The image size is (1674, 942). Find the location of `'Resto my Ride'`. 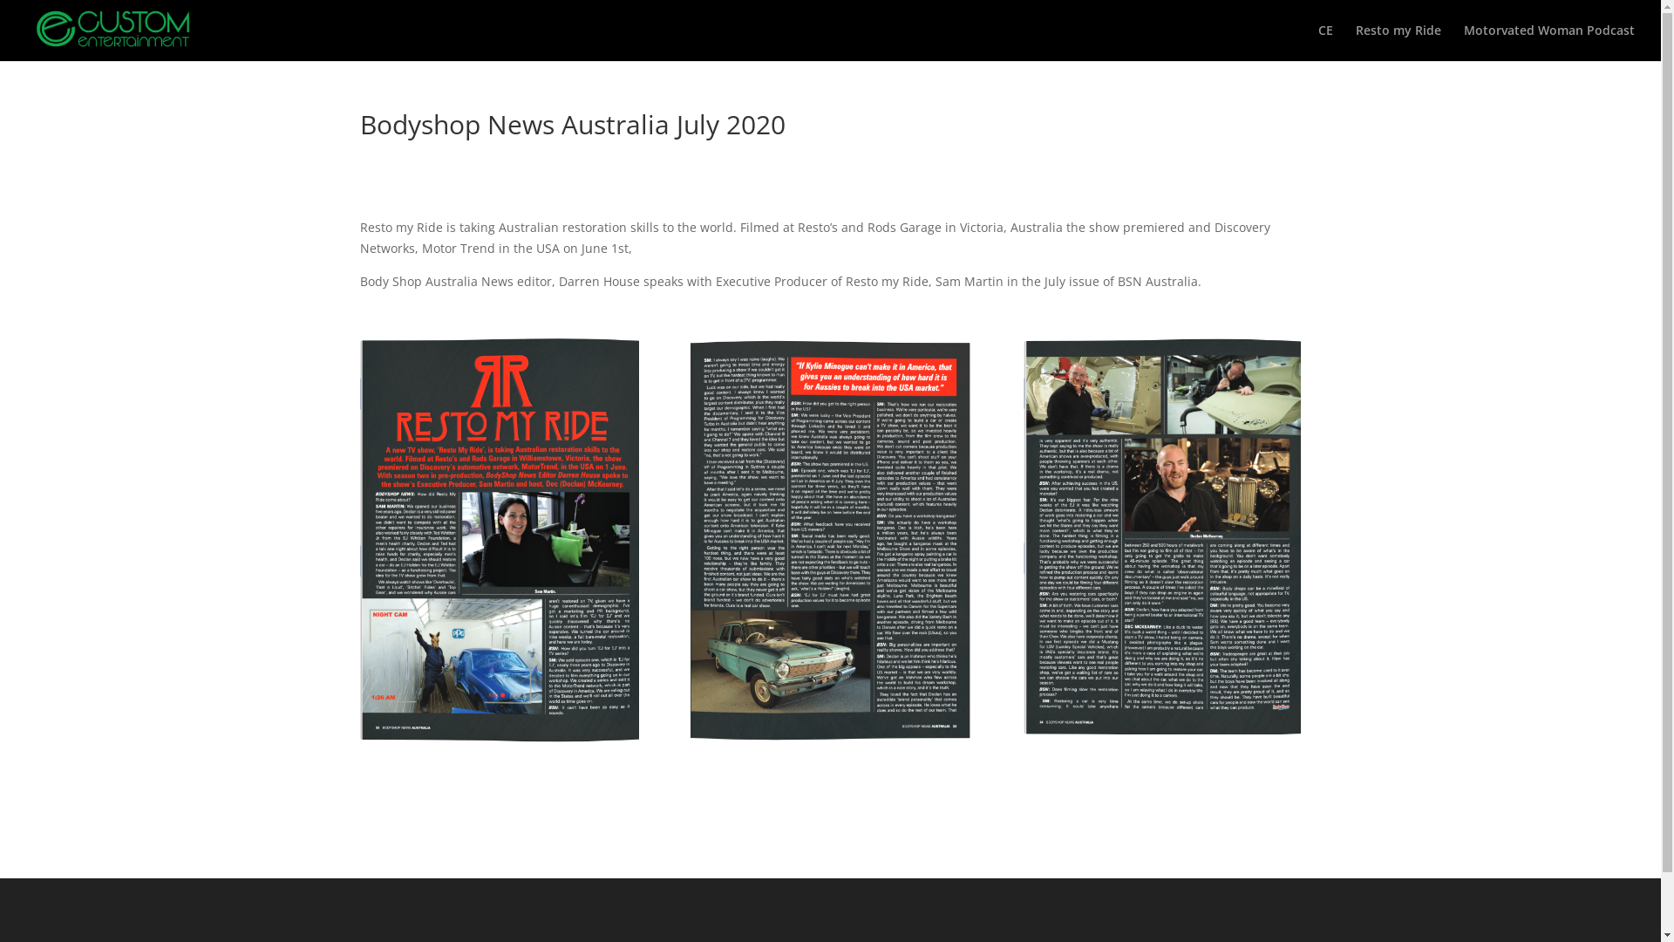

'Resto my Ride' is located at coordinates (1398, 42).